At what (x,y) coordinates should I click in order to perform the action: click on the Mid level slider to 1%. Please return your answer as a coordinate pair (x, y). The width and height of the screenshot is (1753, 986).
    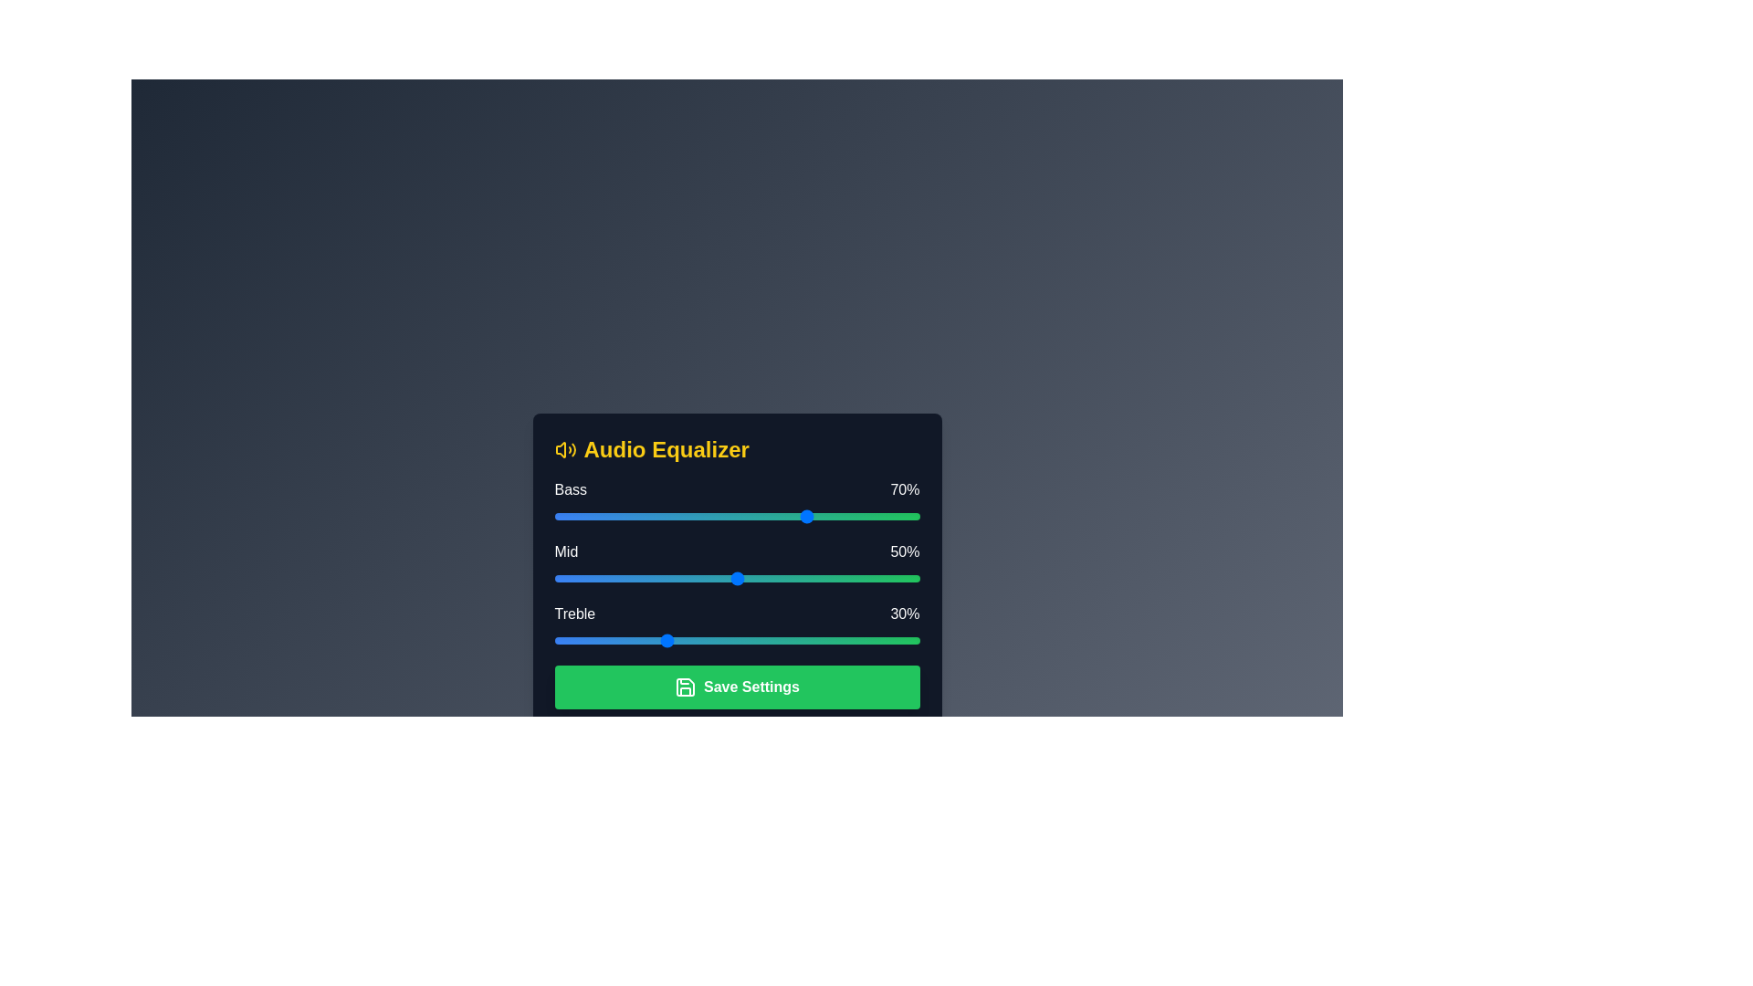
    Looking at the image, I should click on (557, 578).